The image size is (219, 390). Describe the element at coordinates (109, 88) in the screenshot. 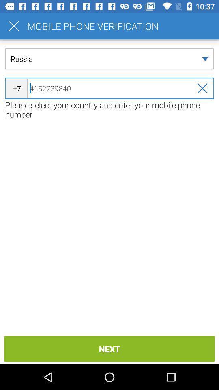

I see `4152739840 item` at that location.